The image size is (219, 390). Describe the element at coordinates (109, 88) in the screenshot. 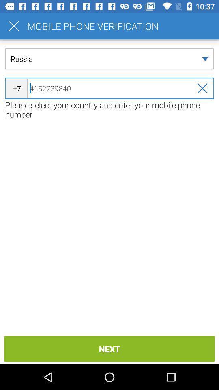

I see `4152739840 item` at that location.